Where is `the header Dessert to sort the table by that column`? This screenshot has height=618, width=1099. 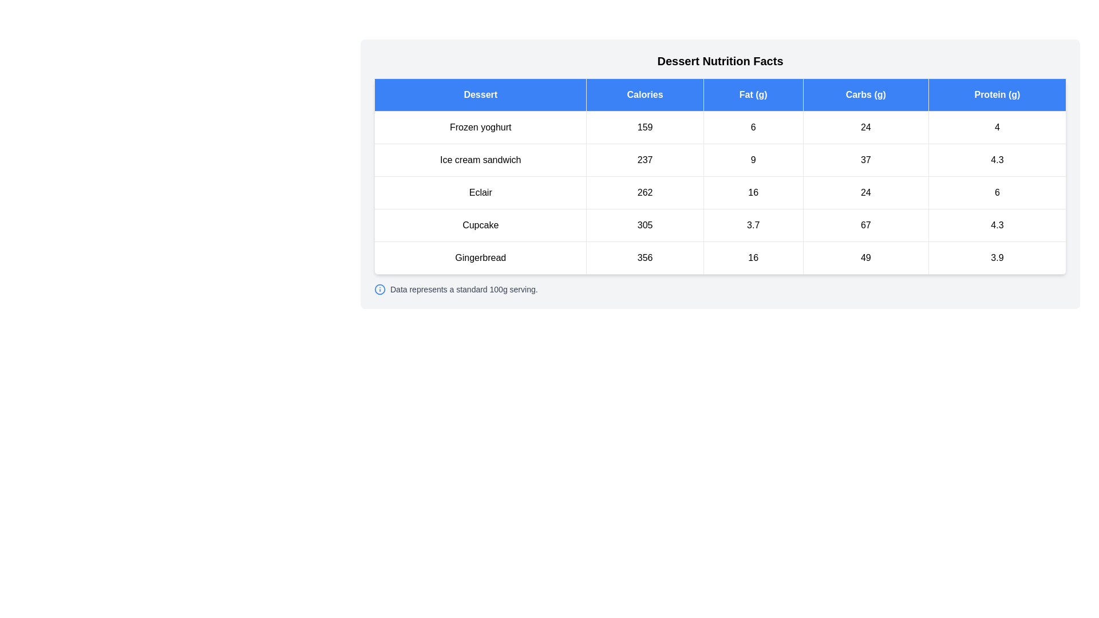 the header Dessert to sort the table by that column is located at coordinates (480, 94).